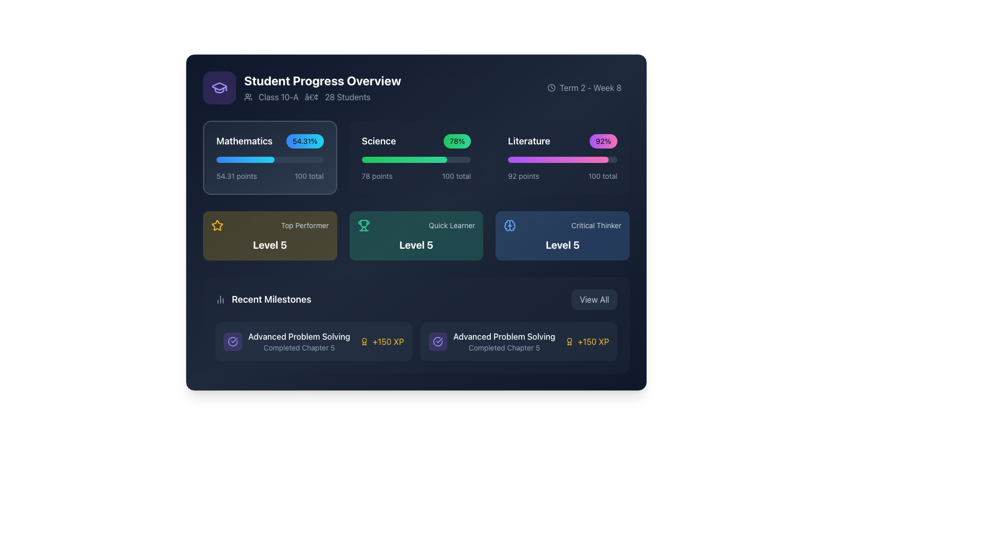 This screenshot has width=987, height=555. Describe the element at coordinates (596, 225) in the screenshot. I see `text label displaying 'Critical Thinker' located in the bottom-right corner of the 'Level 5' section, styled in slate-gray font on a deep blue background` at that location.